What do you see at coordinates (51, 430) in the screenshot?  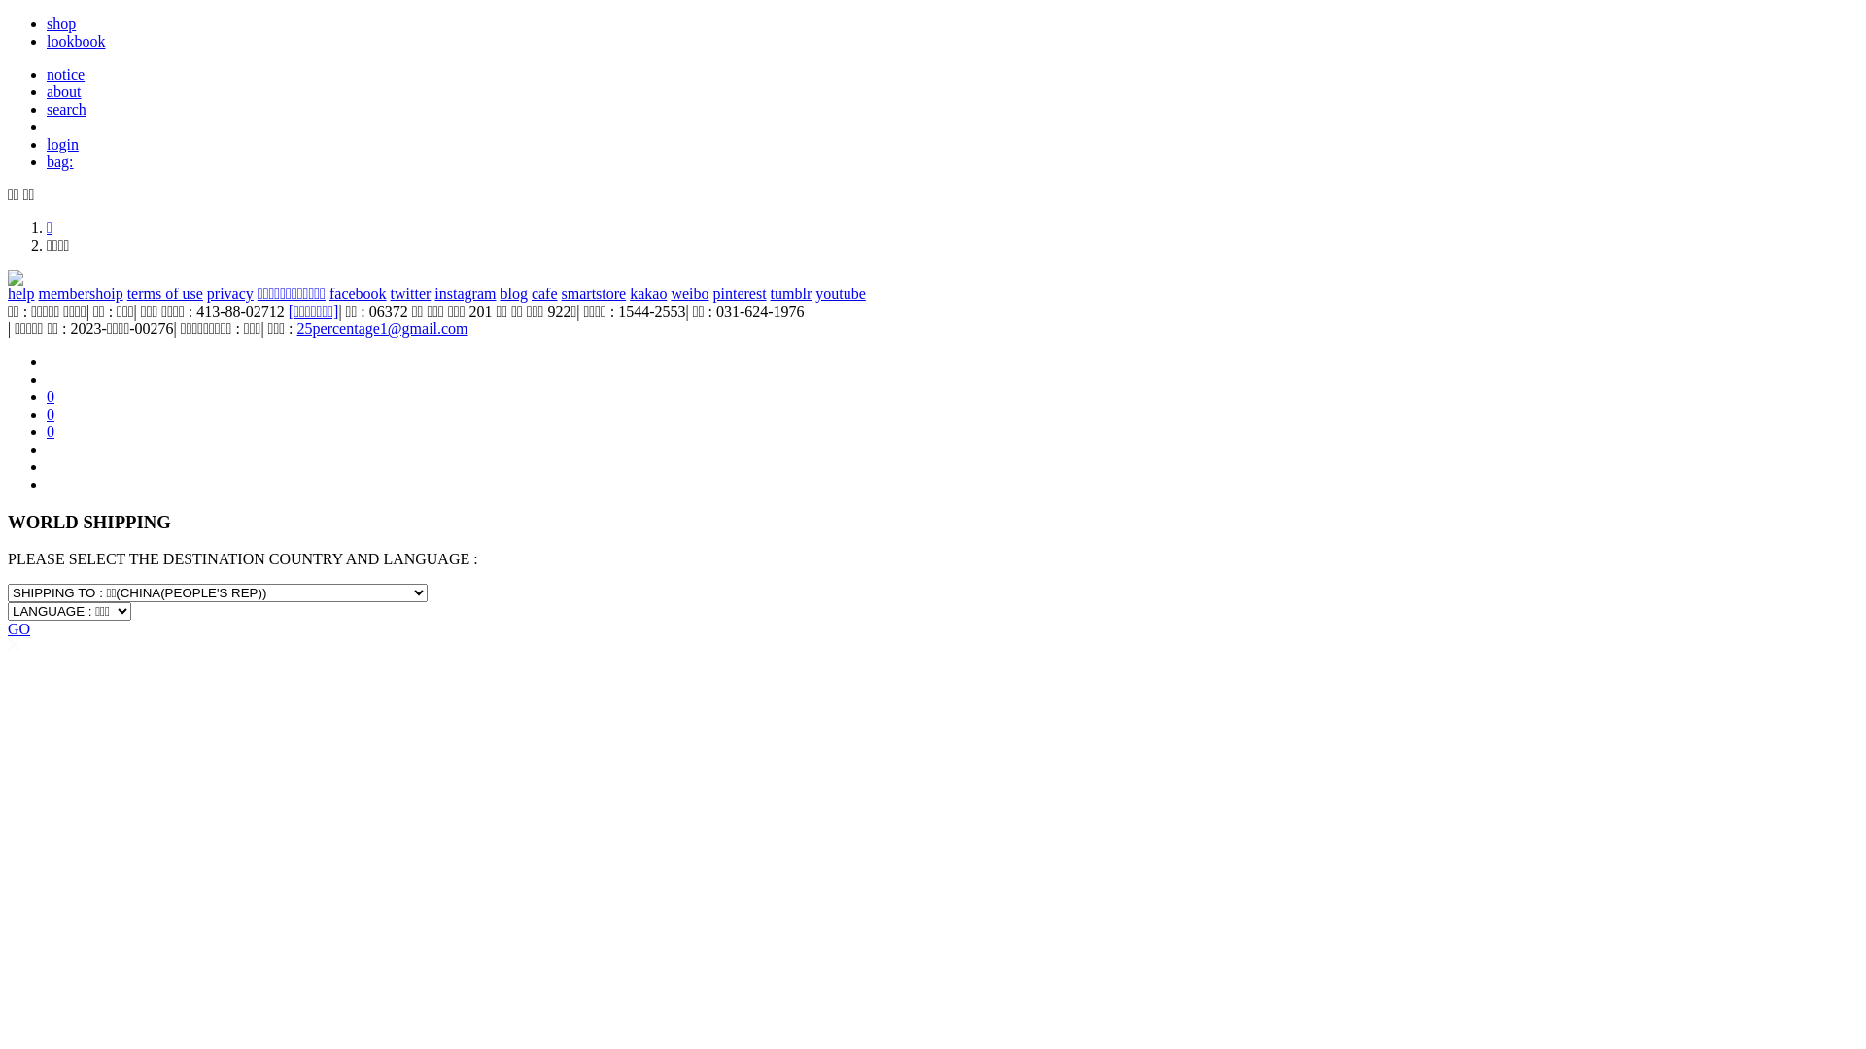 I see `'0'` at bounding box center [51, 430].